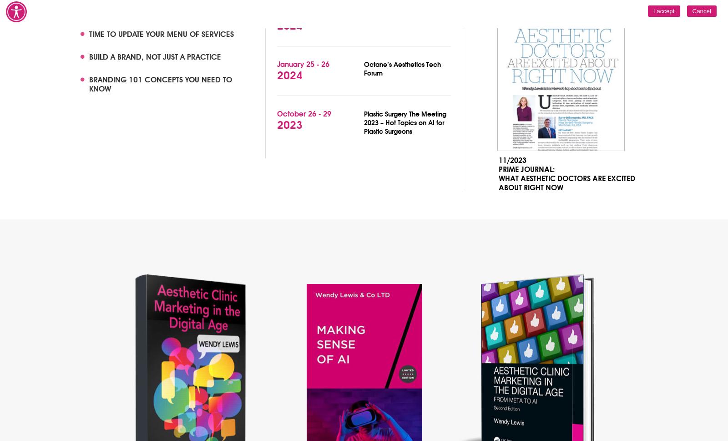  Describe the element at coordinates (303, 63) in the screenshot. I see `'January 25 - 26'` at that location.